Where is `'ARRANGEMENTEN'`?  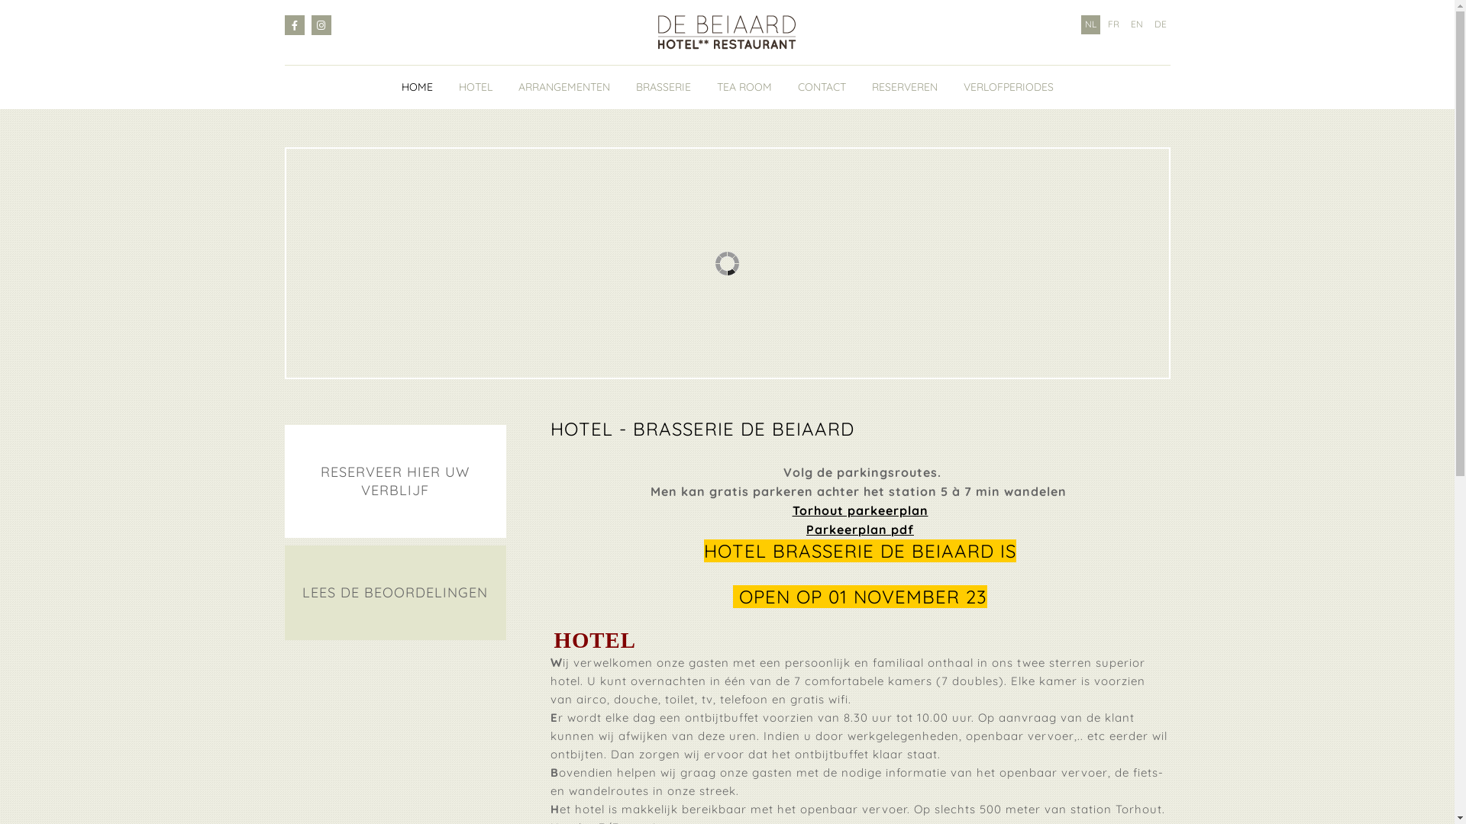 'ARRANGEMENTEN' is located at coordinates (563, 87).